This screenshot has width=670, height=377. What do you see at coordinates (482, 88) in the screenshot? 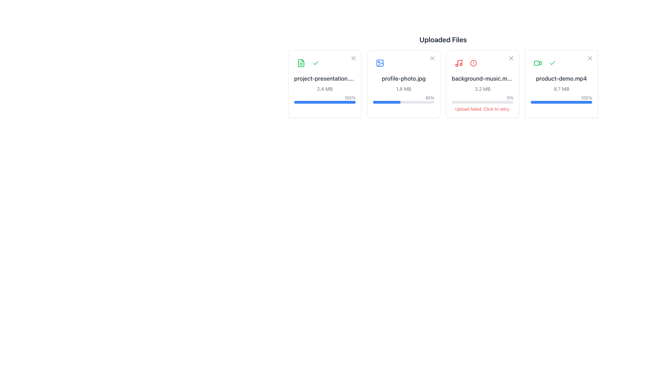
I see `the static text label displaying '3.2 MB' located within the card for the file 'background-music.mp3', positioned directly below the file name and above the progress indicators` at bounding box center [482, 88].